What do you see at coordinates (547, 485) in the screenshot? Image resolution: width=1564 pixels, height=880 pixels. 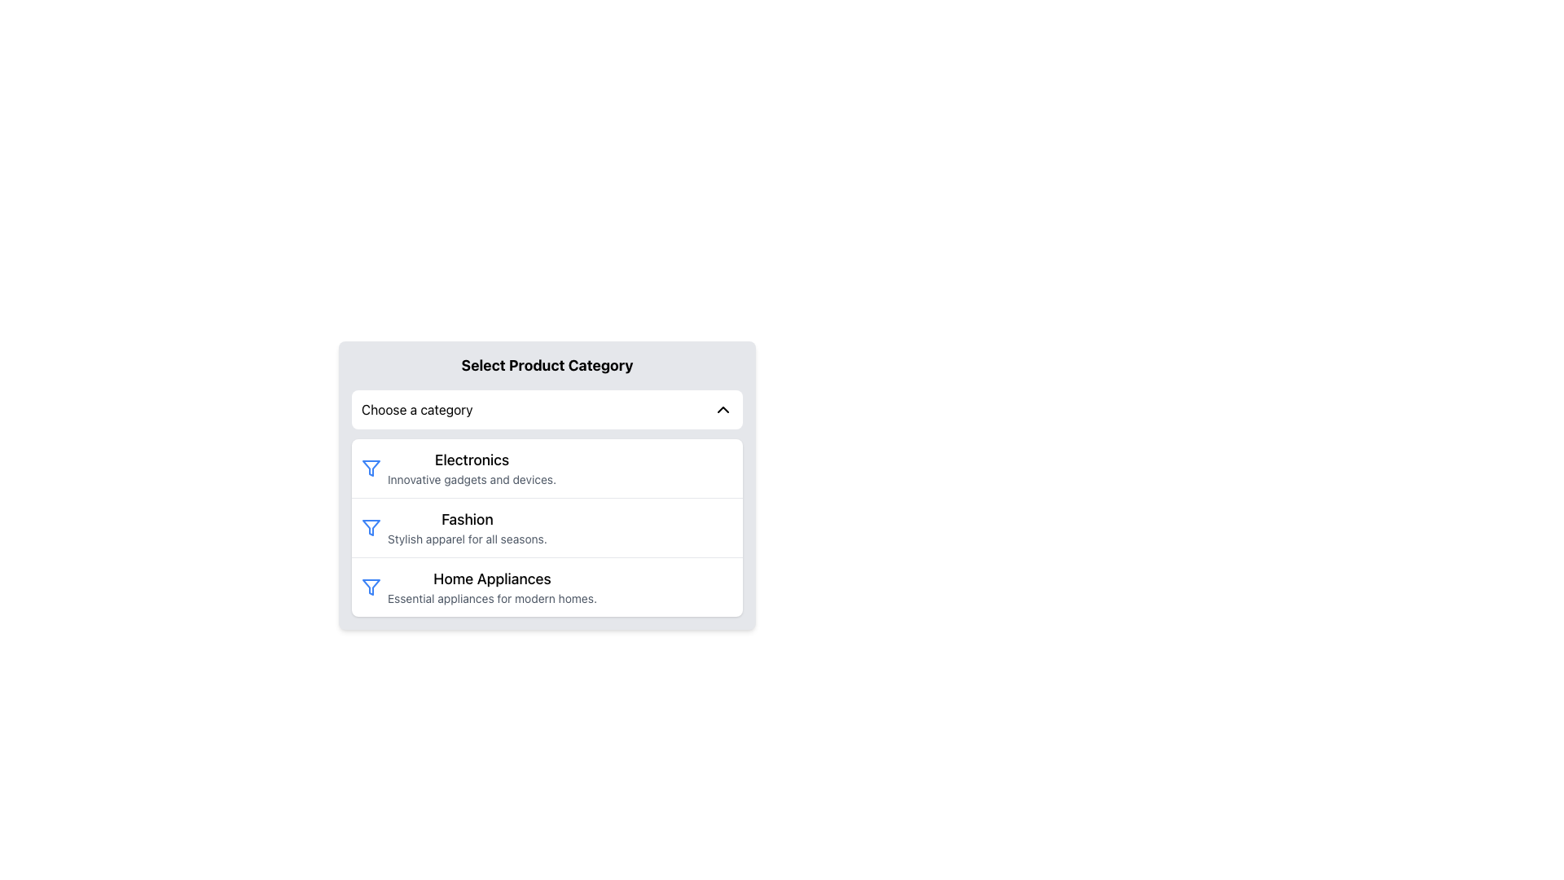 I see `the 'Electronics' dropdown menu item, which is the first option in the 'Select Product Category' dropdown` at bounding box center [547, 485].